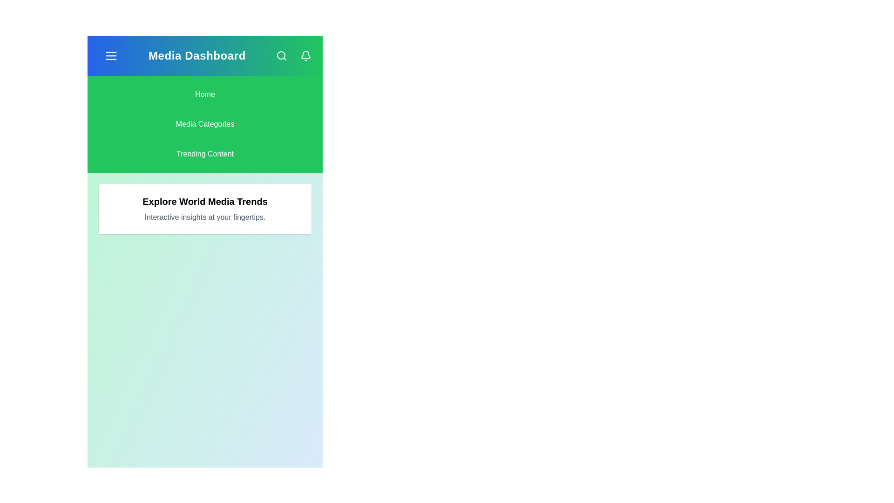 This screenshot has width=894, height=503. I want to click on the search toggle button to toggle the search input visibility, so click(281, 55).